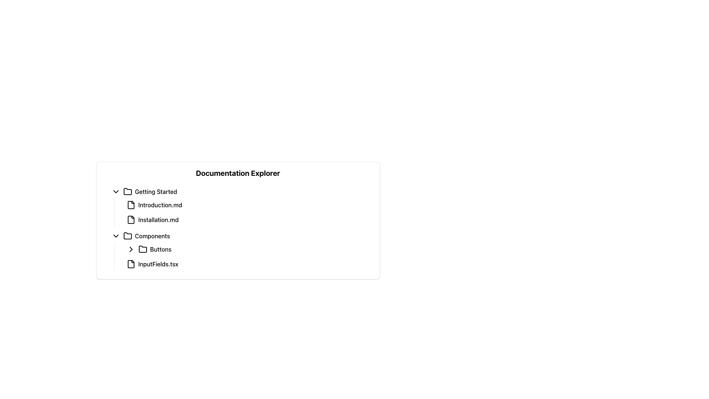 The height and width of the screenshot is (399, 709). What do you see at coordinates (143, 249) in the screenshot?
I see `the folder icon located to the left of the text 'Buttons'` at bounding box center [143, 249].